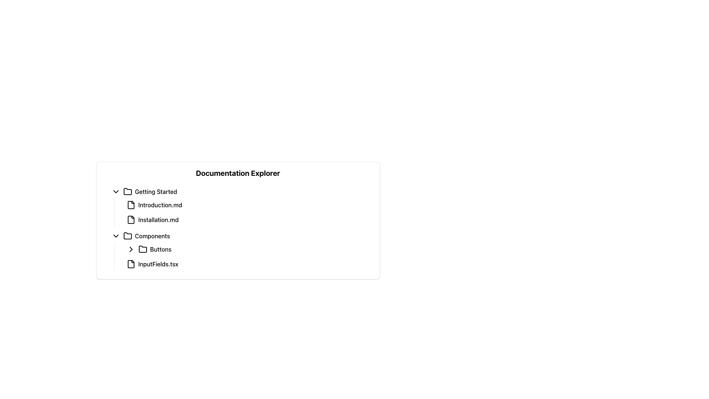 The height and width of the screenshot is (399, 709). What do you see at coordinates (143, 249) in the screenshot?
I see `the folder icon located to the left of the text 'Buttons'` at bounding box center [143, 249].